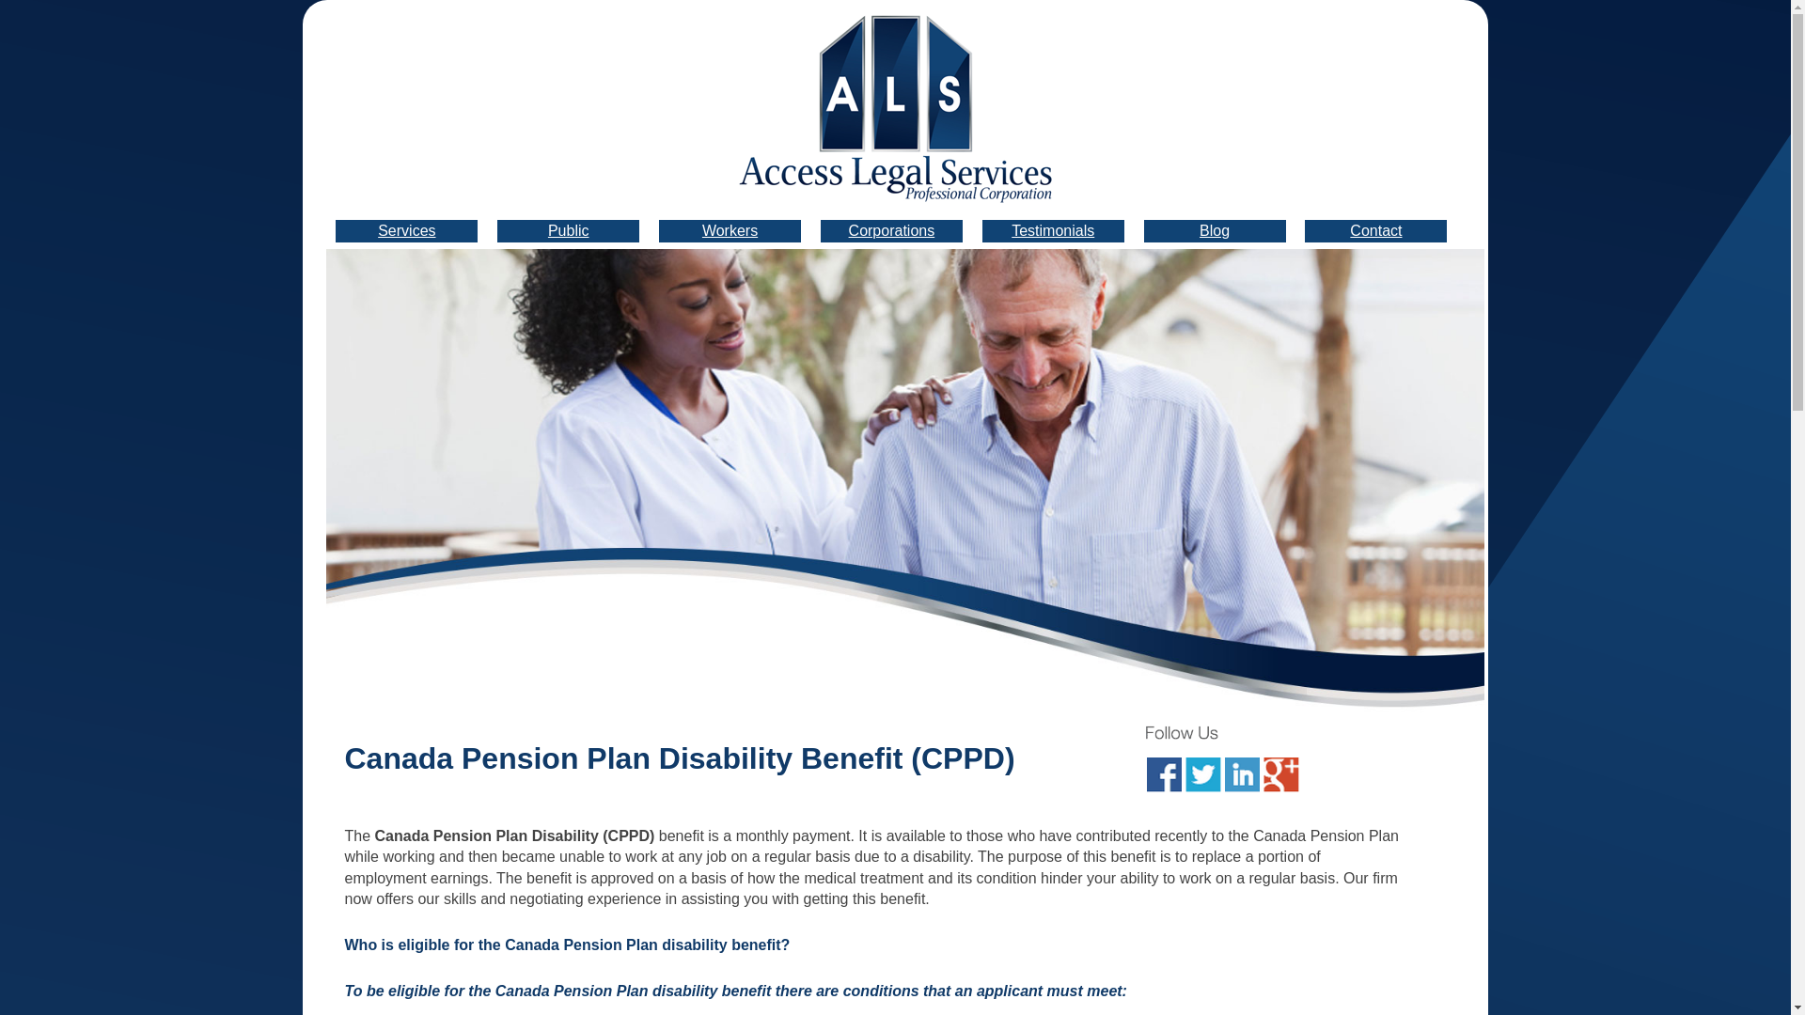 This screenshot has width=1805, height=1015. Describe the element at coordinates (405, 229) in the screenshot. I see `'Services'` at that location.